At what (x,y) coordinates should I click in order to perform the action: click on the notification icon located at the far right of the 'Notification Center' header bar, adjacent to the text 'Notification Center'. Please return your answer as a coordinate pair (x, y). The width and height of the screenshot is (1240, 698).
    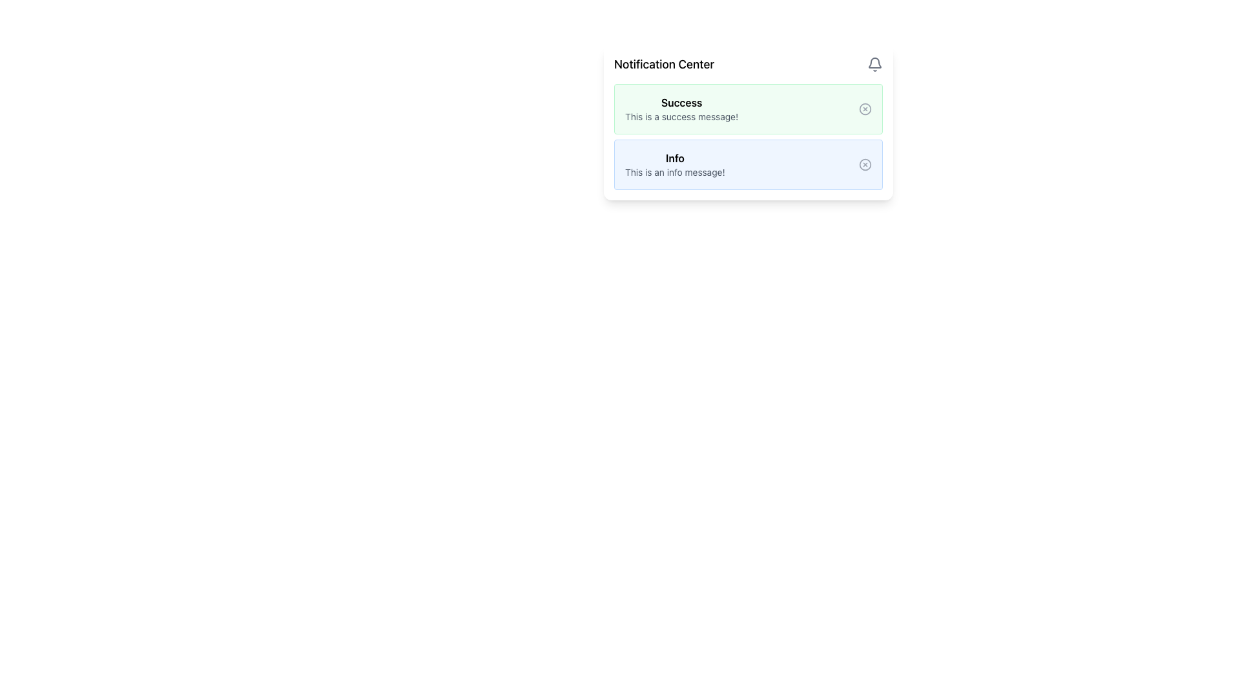
    Looking at the image, I should click on (874, 65).